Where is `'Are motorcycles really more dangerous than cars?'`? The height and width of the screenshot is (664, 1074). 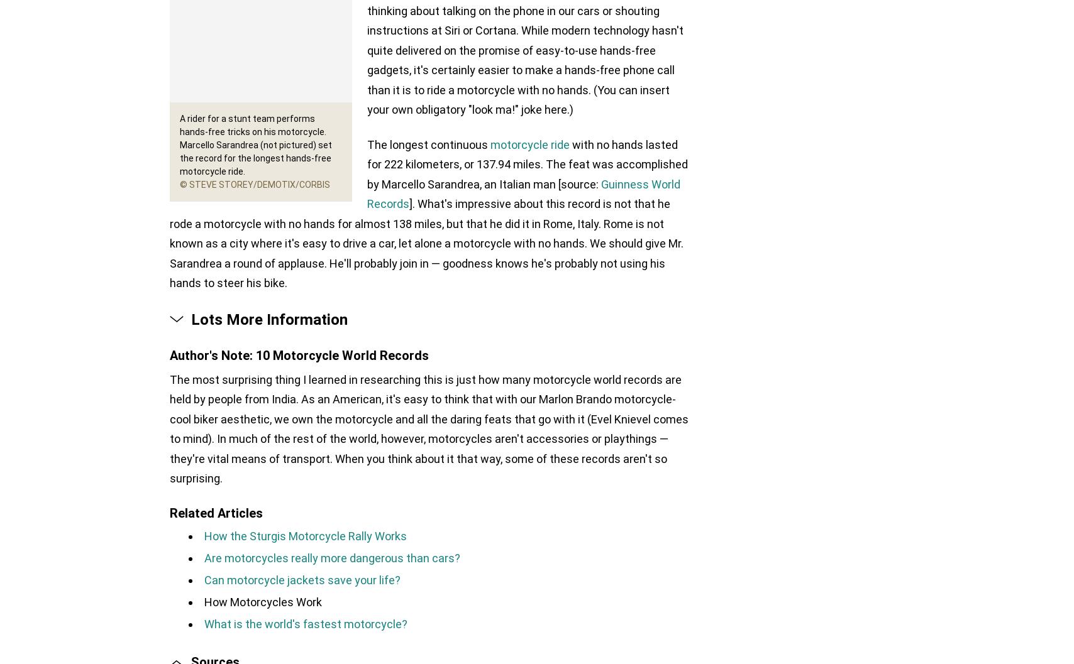 'Are motorcycles really more dangerous than cars?' is located at coordinates (204, 557).